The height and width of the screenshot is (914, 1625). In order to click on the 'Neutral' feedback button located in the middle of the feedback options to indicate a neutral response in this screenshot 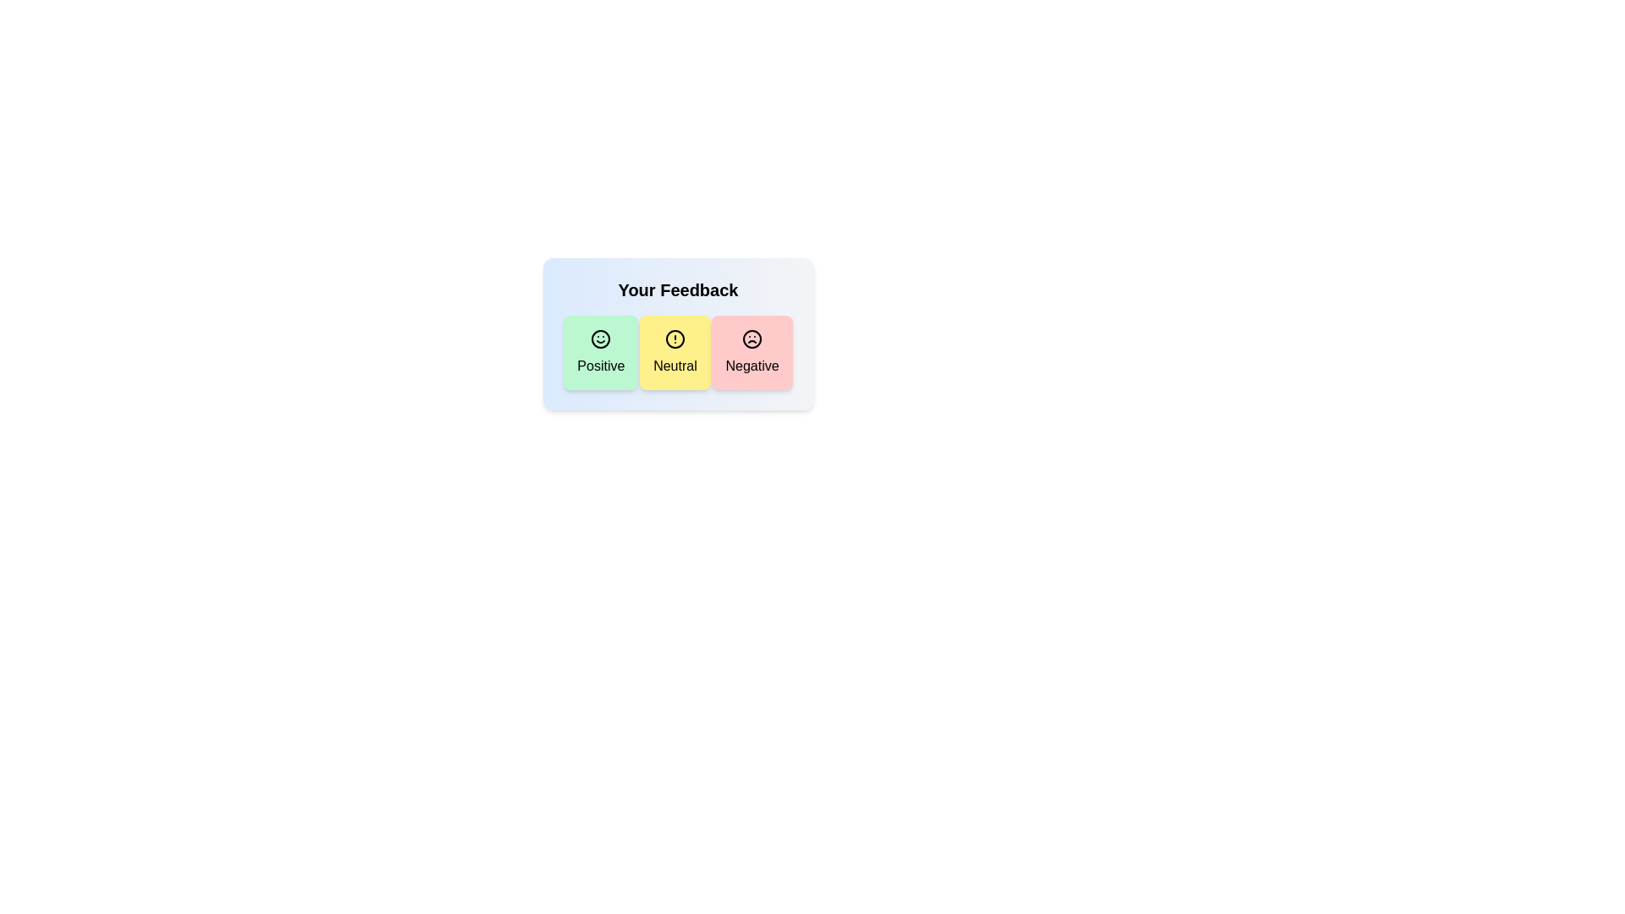, I will do `click(674, 351)`.